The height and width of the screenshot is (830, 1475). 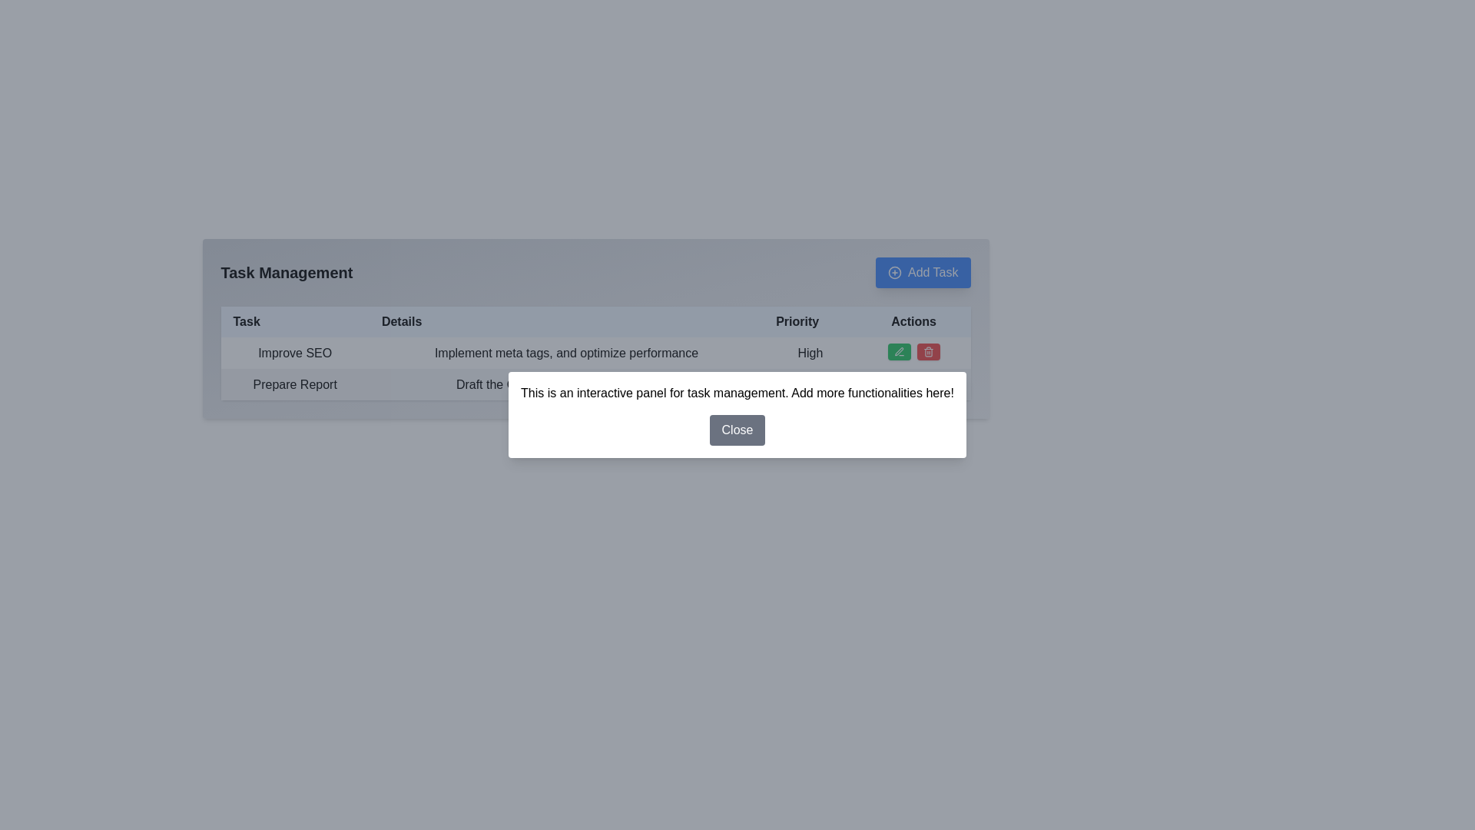 What do you see at coordinates (913, 321) in the screenshot?
I see `the text label displaying 'Actions' in bold font, located in the top bar of the table structure as the last column header` at bounding box center [913, 321].